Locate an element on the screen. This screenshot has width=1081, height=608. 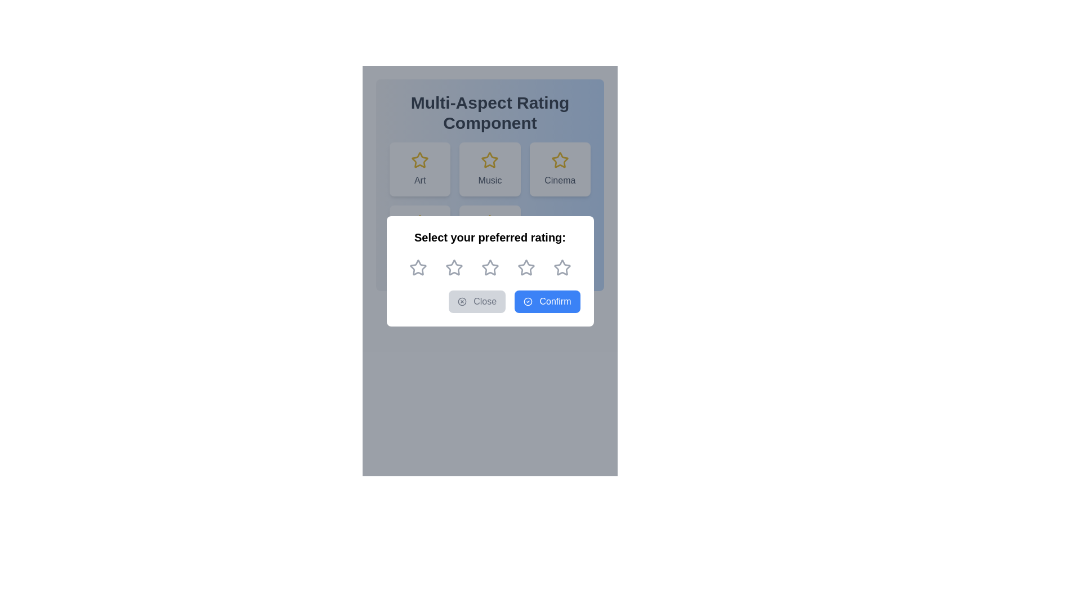
the first interactive star icon is located at coordinates (417, 267).